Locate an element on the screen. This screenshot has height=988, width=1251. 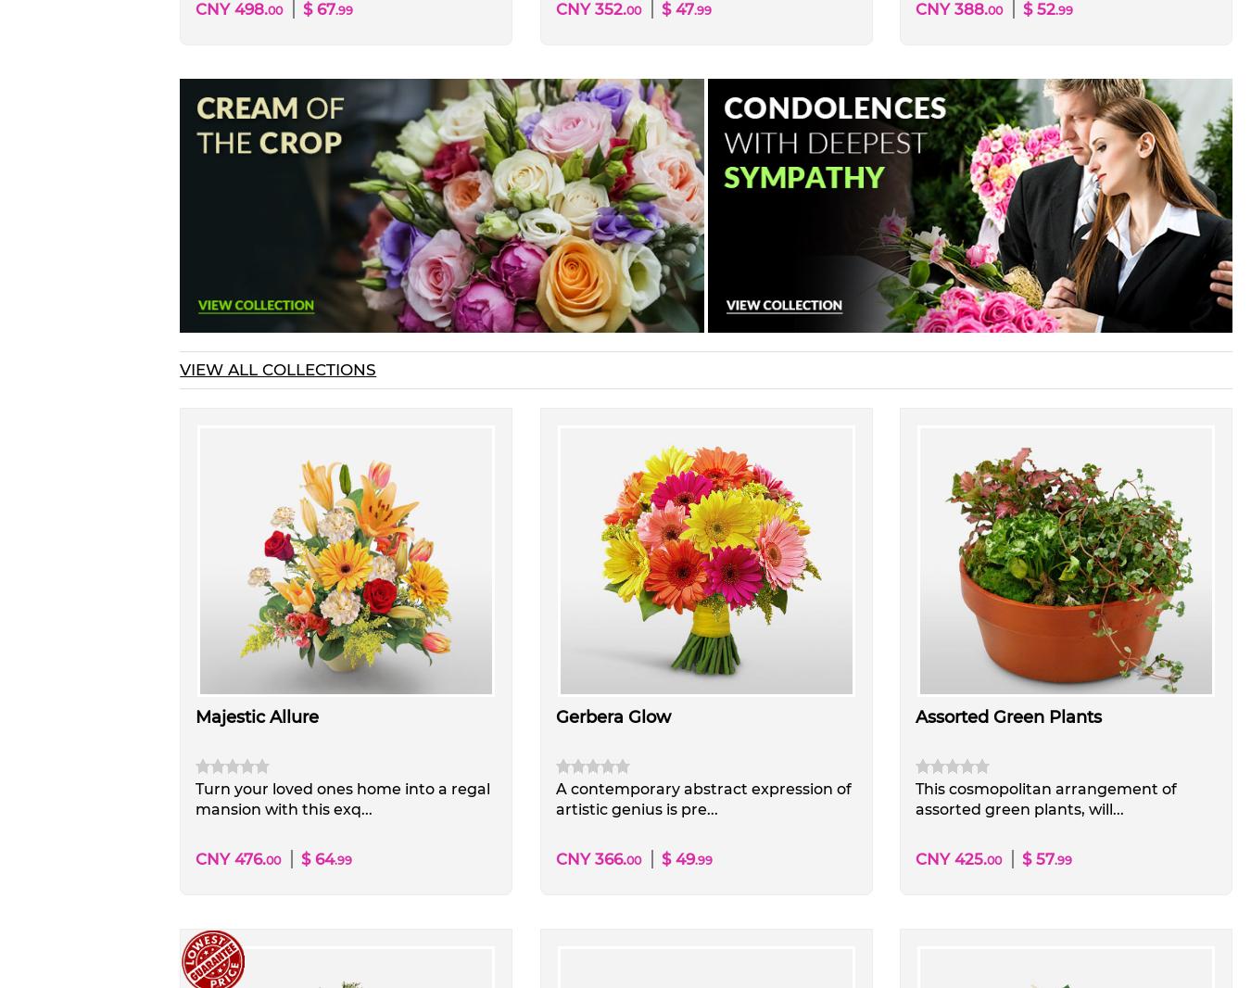
'Turn your loved ones home into a regal mansion with this exq...' is located at coordinates (196, 799).